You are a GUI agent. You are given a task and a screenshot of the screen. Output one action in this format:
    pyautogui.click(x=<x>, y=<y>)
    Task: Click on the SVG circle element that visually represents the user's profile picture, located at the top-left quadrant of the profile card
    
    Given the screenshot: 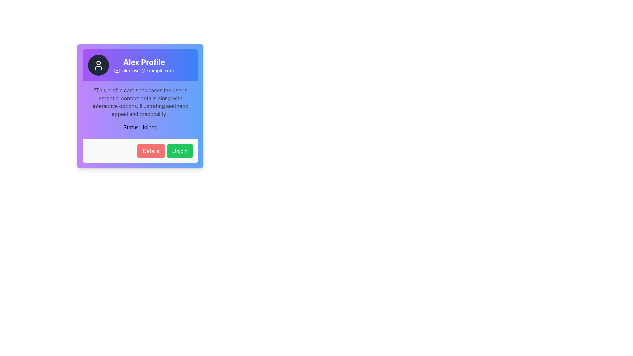 What is the action you would take?
    pyautogui.click(x=98, y=63)
    